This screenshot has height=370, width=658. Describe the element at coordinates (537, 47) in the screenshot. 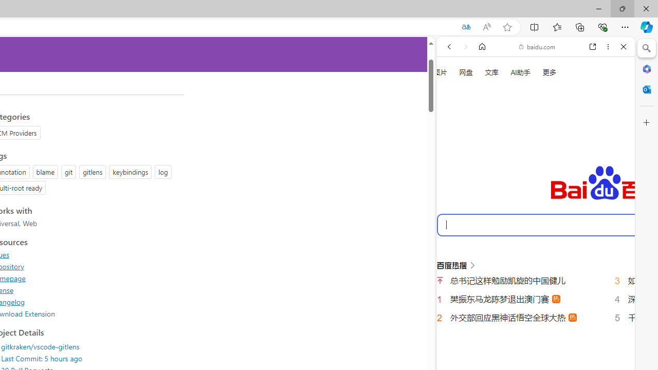

I see `'baidu.com'` at that location.